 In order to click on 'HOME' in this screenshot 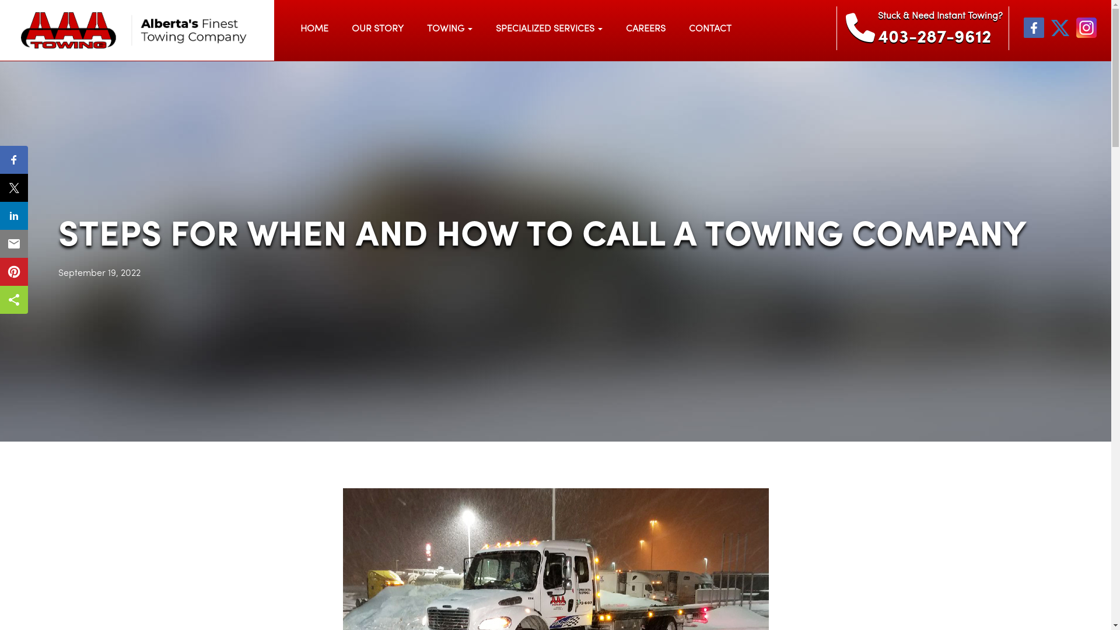, I will do `click(314, 29)`.